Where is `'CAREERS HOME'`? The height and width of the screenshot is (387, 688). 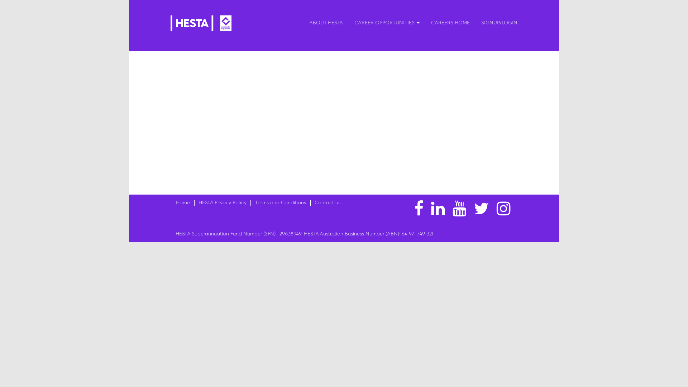 'CAREERS HOME' is located at coordinates (430, 22).